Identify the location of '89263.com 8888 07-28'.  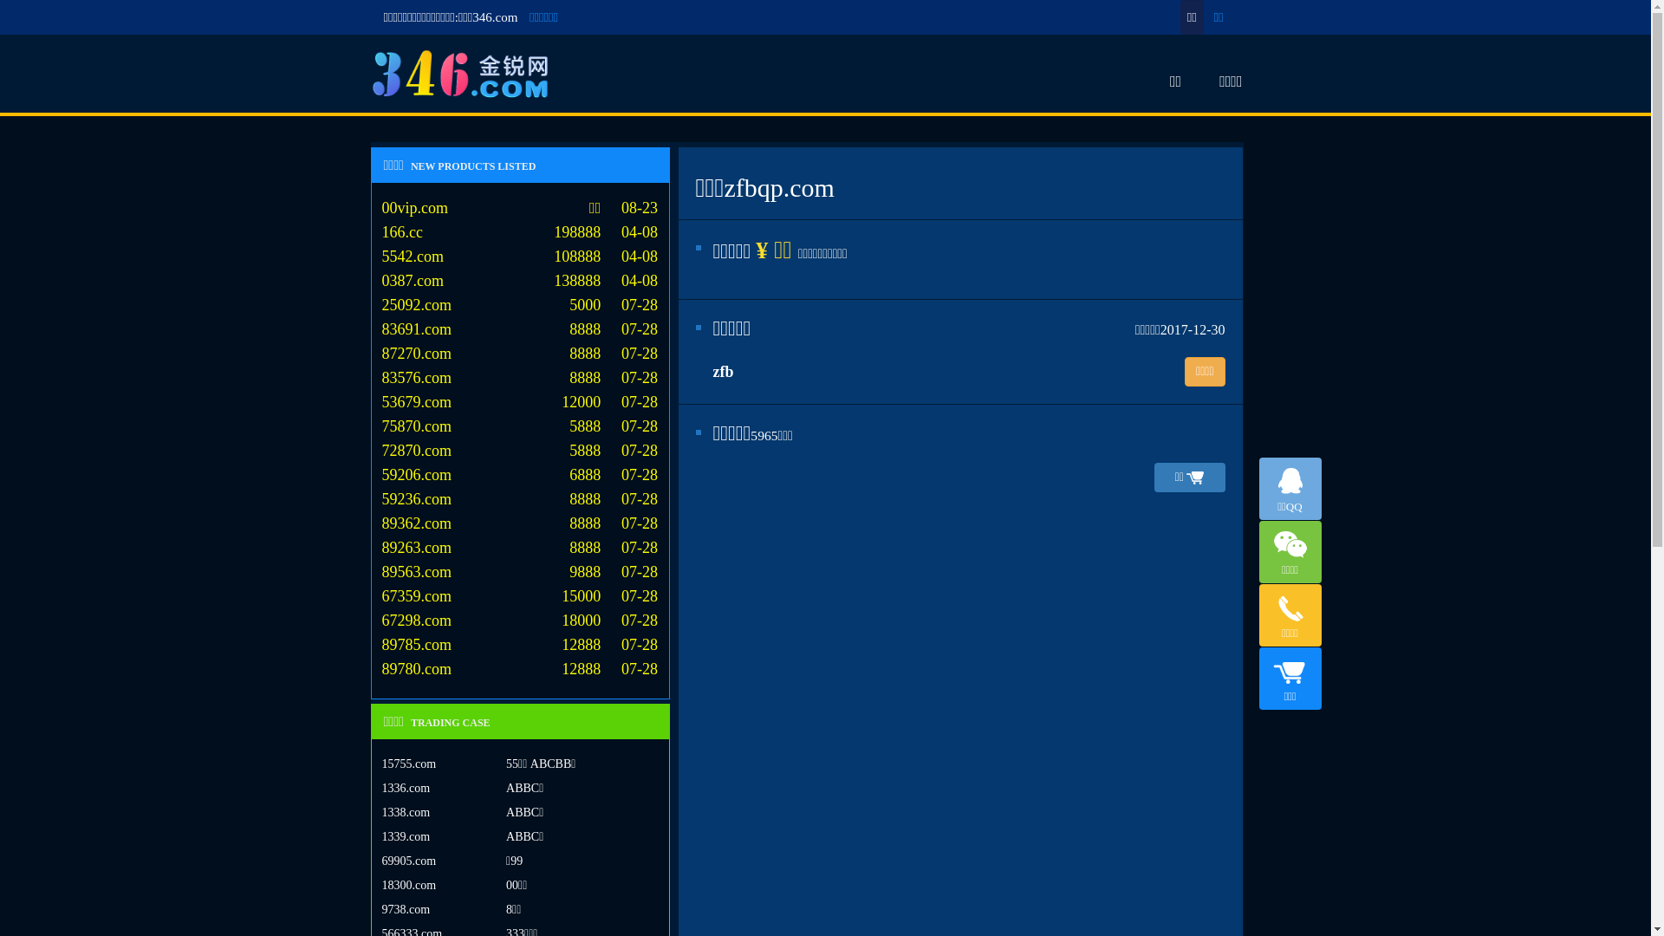
(518, 555).